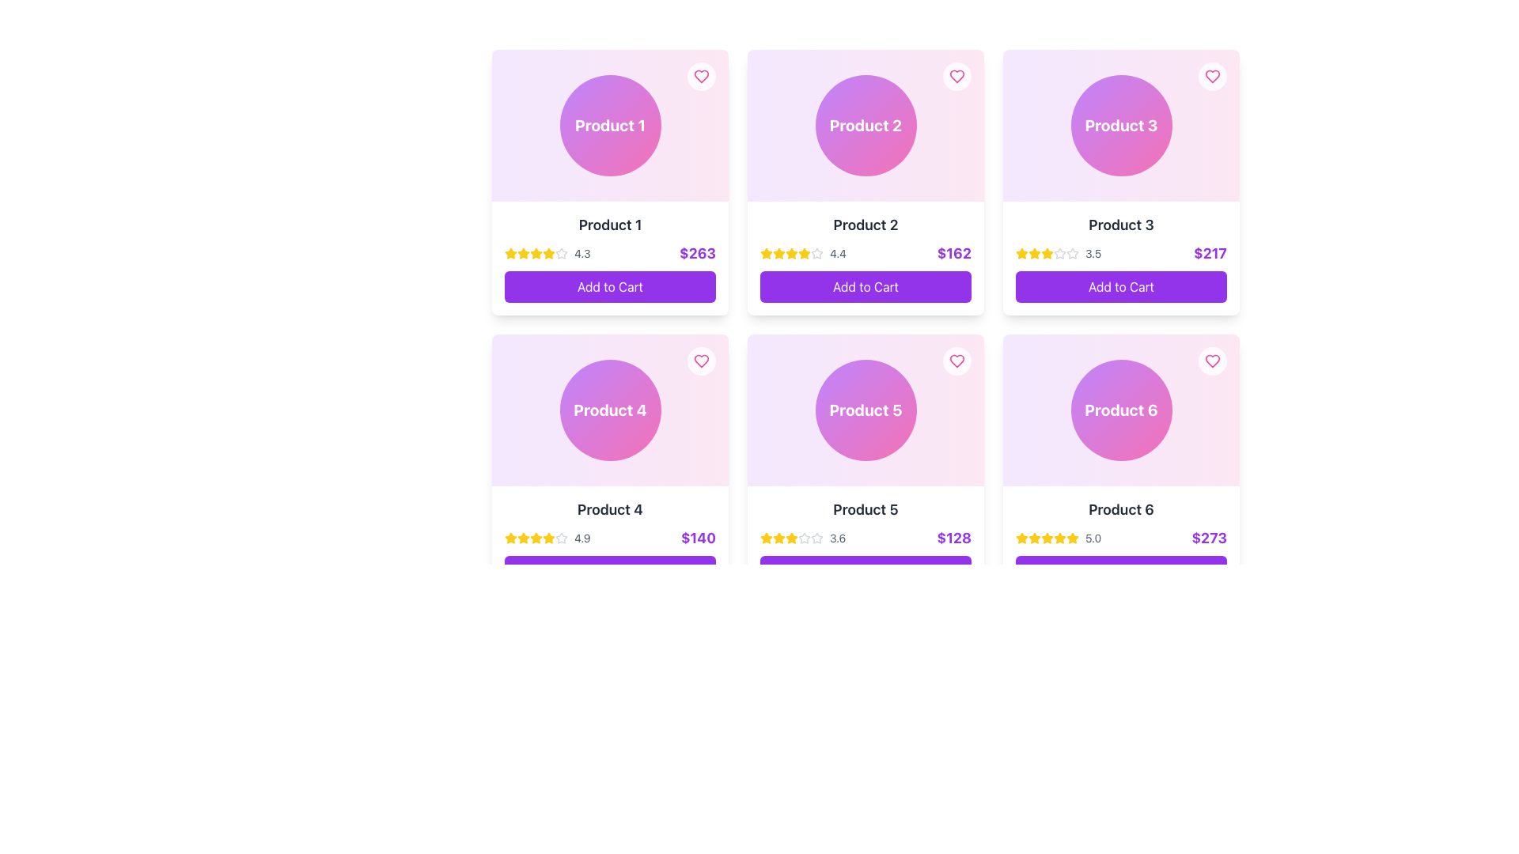  What do you see at coordinates (816, 252) in the screenshot?
I see `the fourth rating star icon representing the rating for Product 2` at bounding box center [816, 252].